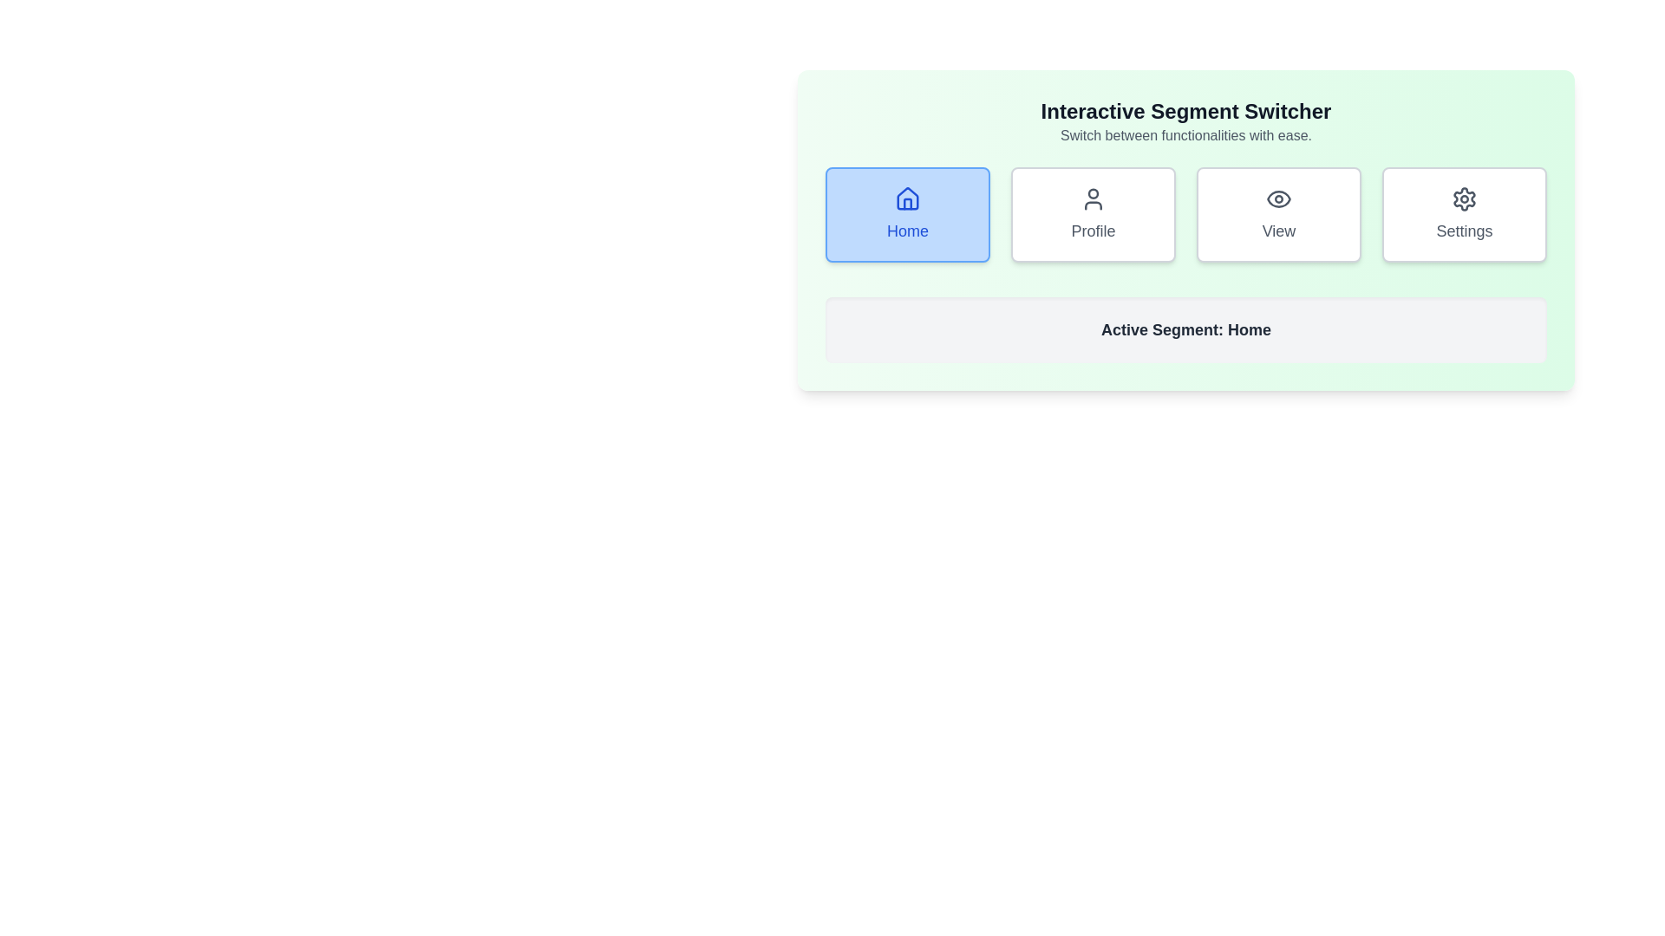  Describe the element at coordinates (1464, 198) in the screenshot. I see `on the settings SVG icon, which is the rightmost icon in the navigation row above the 'Settings' label` at that location.